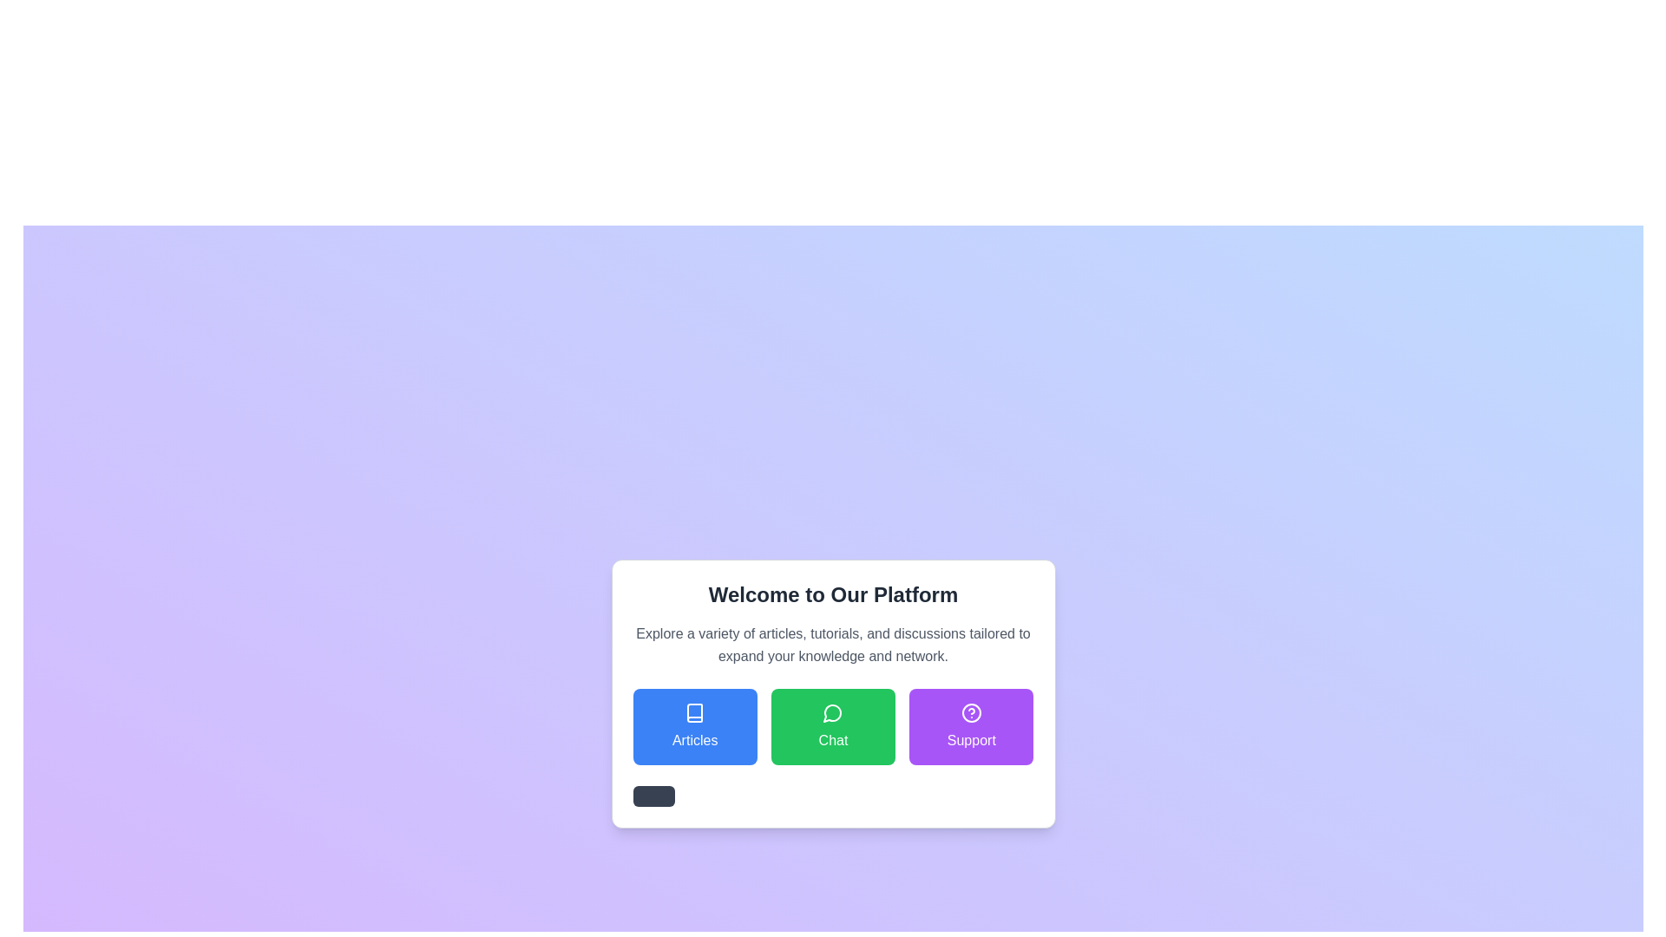 The height and width of the screenshot is (937, 1666). What do you see at coordinates (970, 726) in the screenshot?
I see `the support button, which is the third button in the row of three buttons, positioned to the right of the 'Chat' button` at bounding box center [970, 726].